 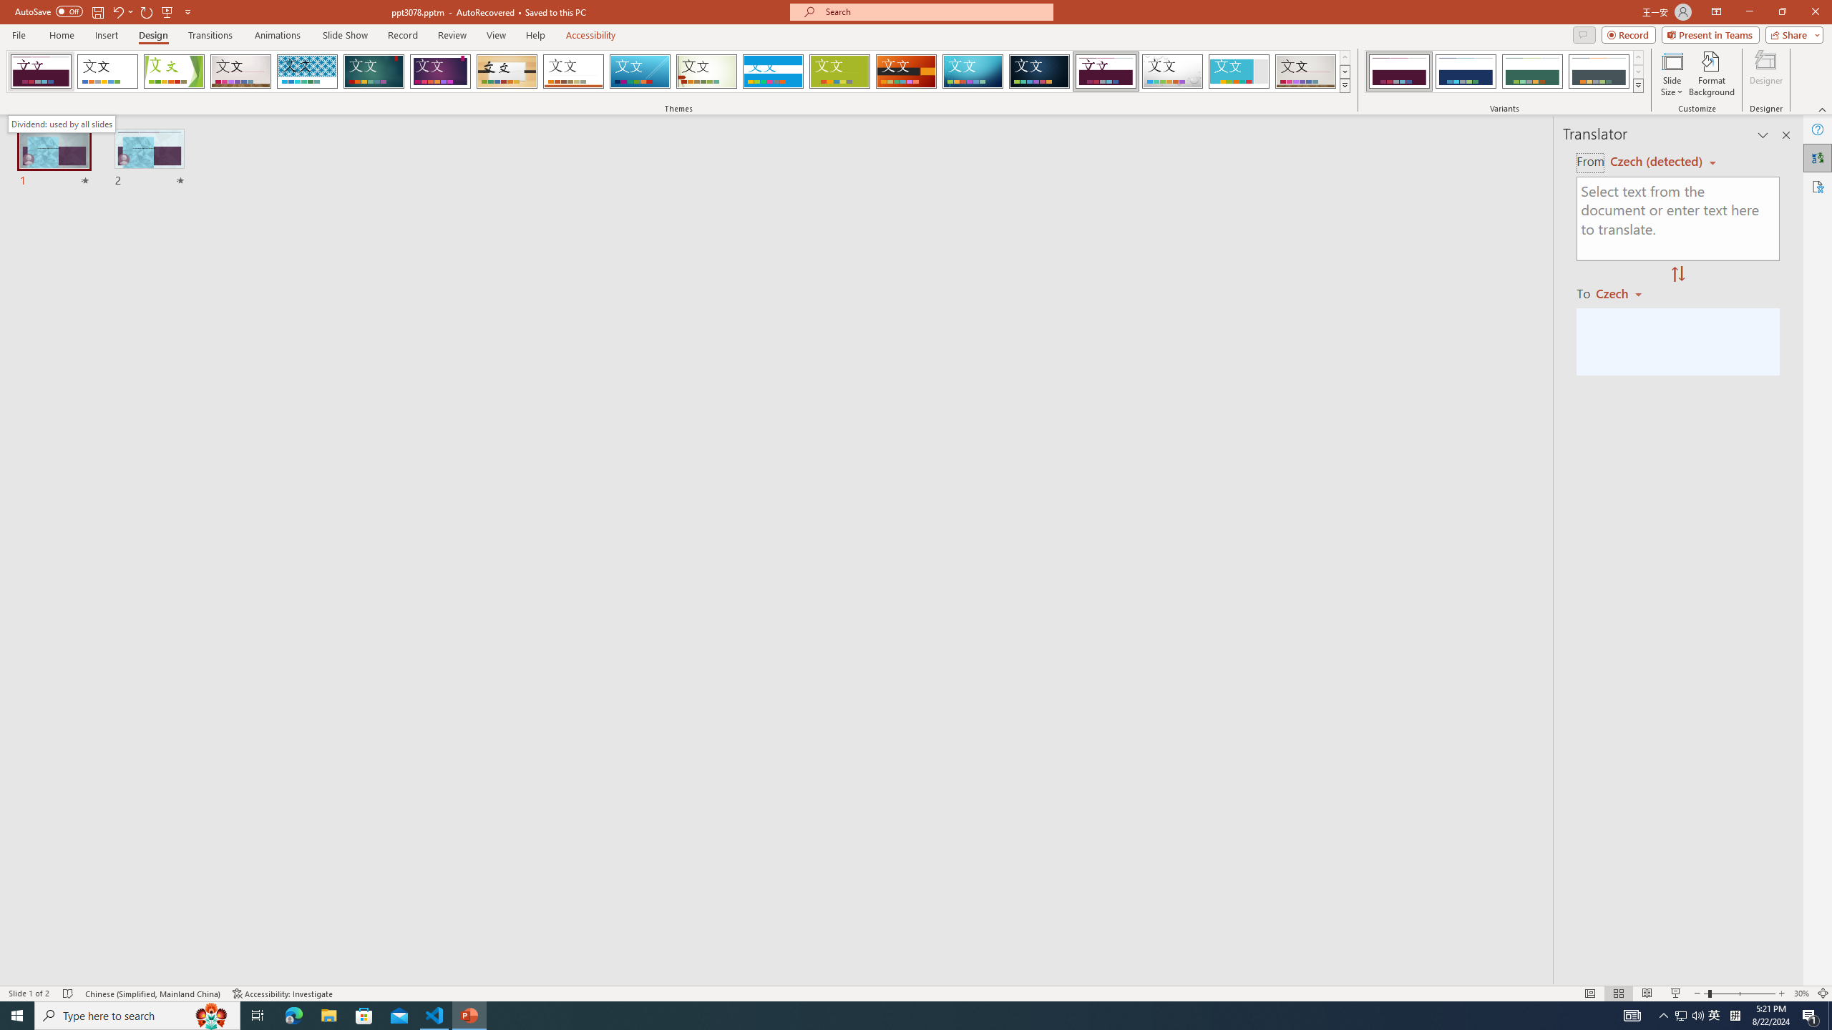 I want to click on 'Slice', so click(x=639, y=71).